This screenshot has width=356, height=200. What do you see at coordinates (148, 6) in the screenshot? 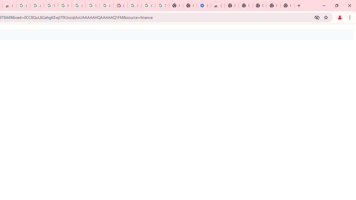
I see `'Google Account Help'` at bounding box center [148, 6].